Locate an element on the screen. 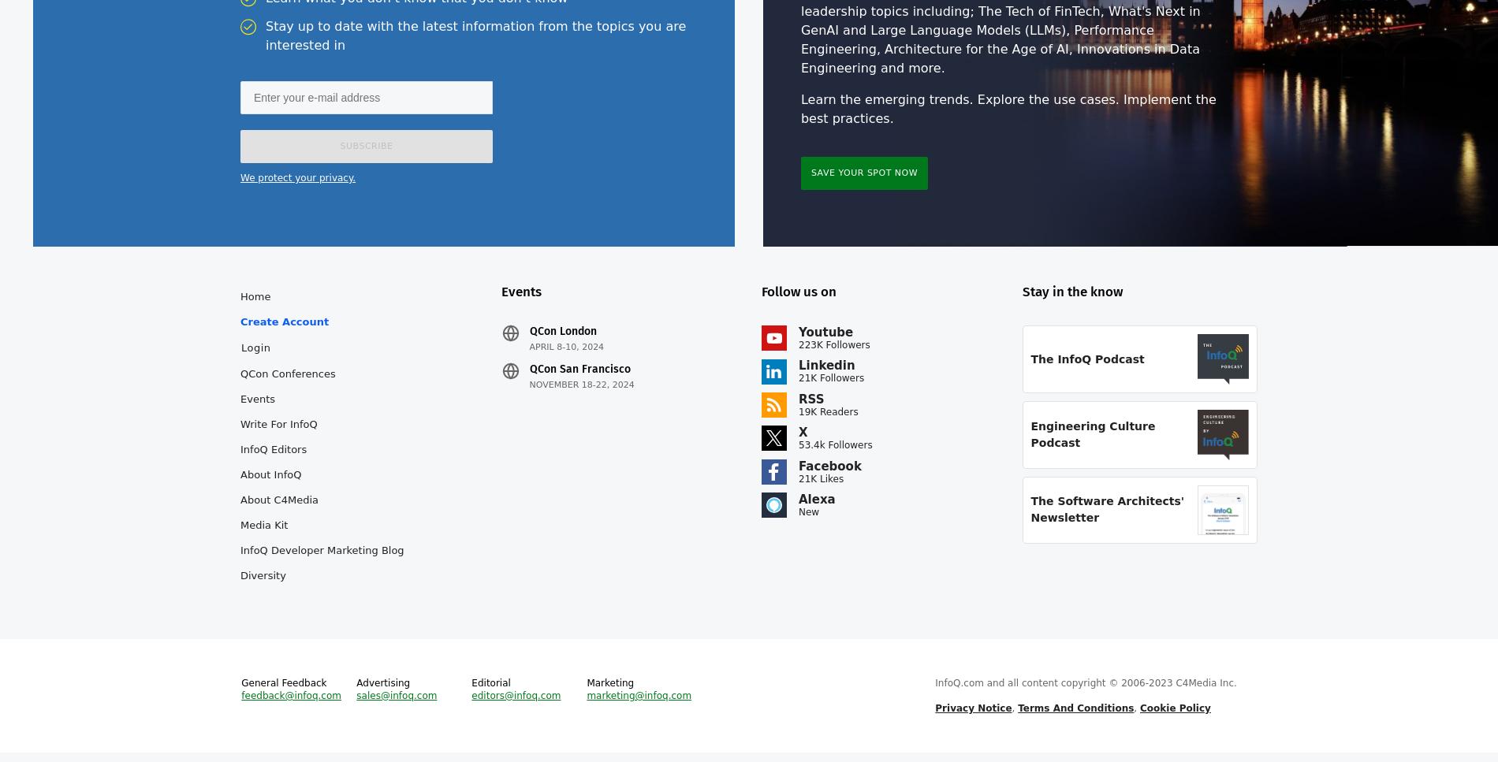  '53.4k Followers' is located at coordinates (835, 454).